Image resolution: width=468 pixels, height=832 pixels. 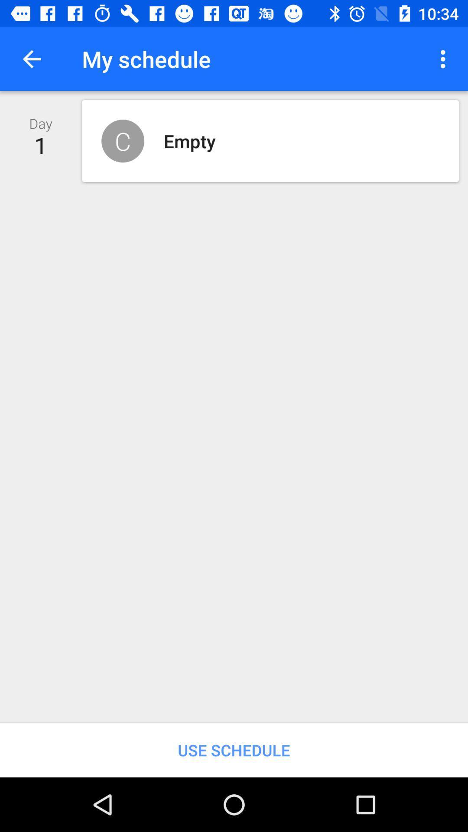 I want to click on icon to the left of the my schedule, so click(x=31, y=58).